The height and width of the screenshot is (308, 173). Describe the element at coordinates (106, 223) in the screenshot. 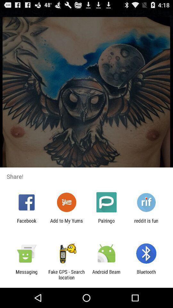

I see `the app next to the add to my app` at that location.